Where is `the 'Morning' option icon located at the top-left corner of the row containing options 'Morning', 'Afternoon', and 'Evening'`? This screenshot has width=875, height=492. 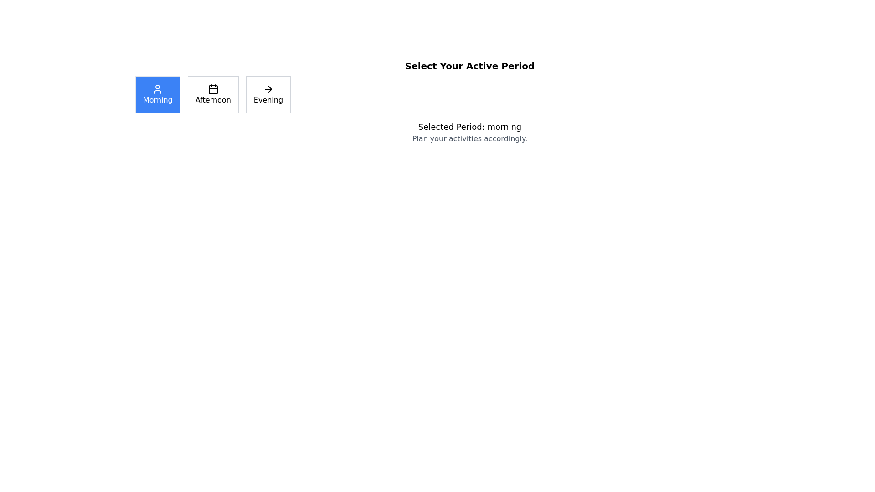 the 'Morning' option icon located at the top-left corner of the row containing options 'Morning', 'Afternoon', and 'Evening' is located at coordinates (158, 89).